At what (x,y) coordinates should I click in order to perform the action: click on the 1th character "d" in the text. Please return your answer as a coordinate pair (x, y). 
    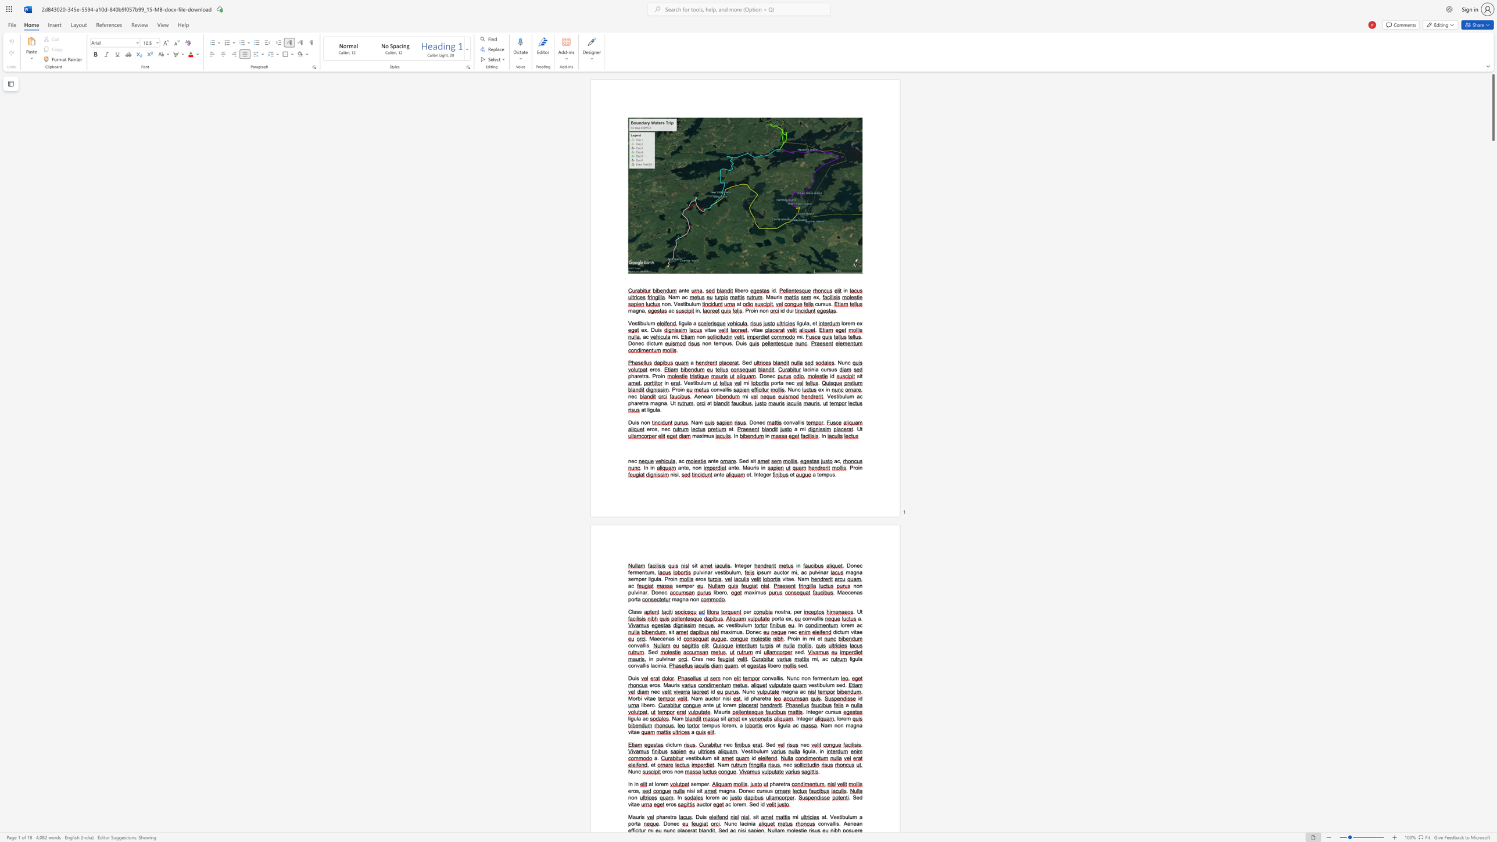
    Looking at the image, I should click on (757, 804).